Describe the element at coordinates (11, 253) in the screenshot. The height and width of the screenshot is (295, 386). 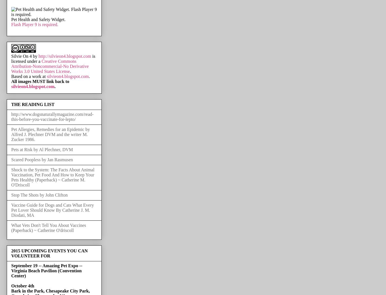
I see `'2015 UPCOMING EVENTS YOU CAN VOLUNTEER FOR'` at that location.